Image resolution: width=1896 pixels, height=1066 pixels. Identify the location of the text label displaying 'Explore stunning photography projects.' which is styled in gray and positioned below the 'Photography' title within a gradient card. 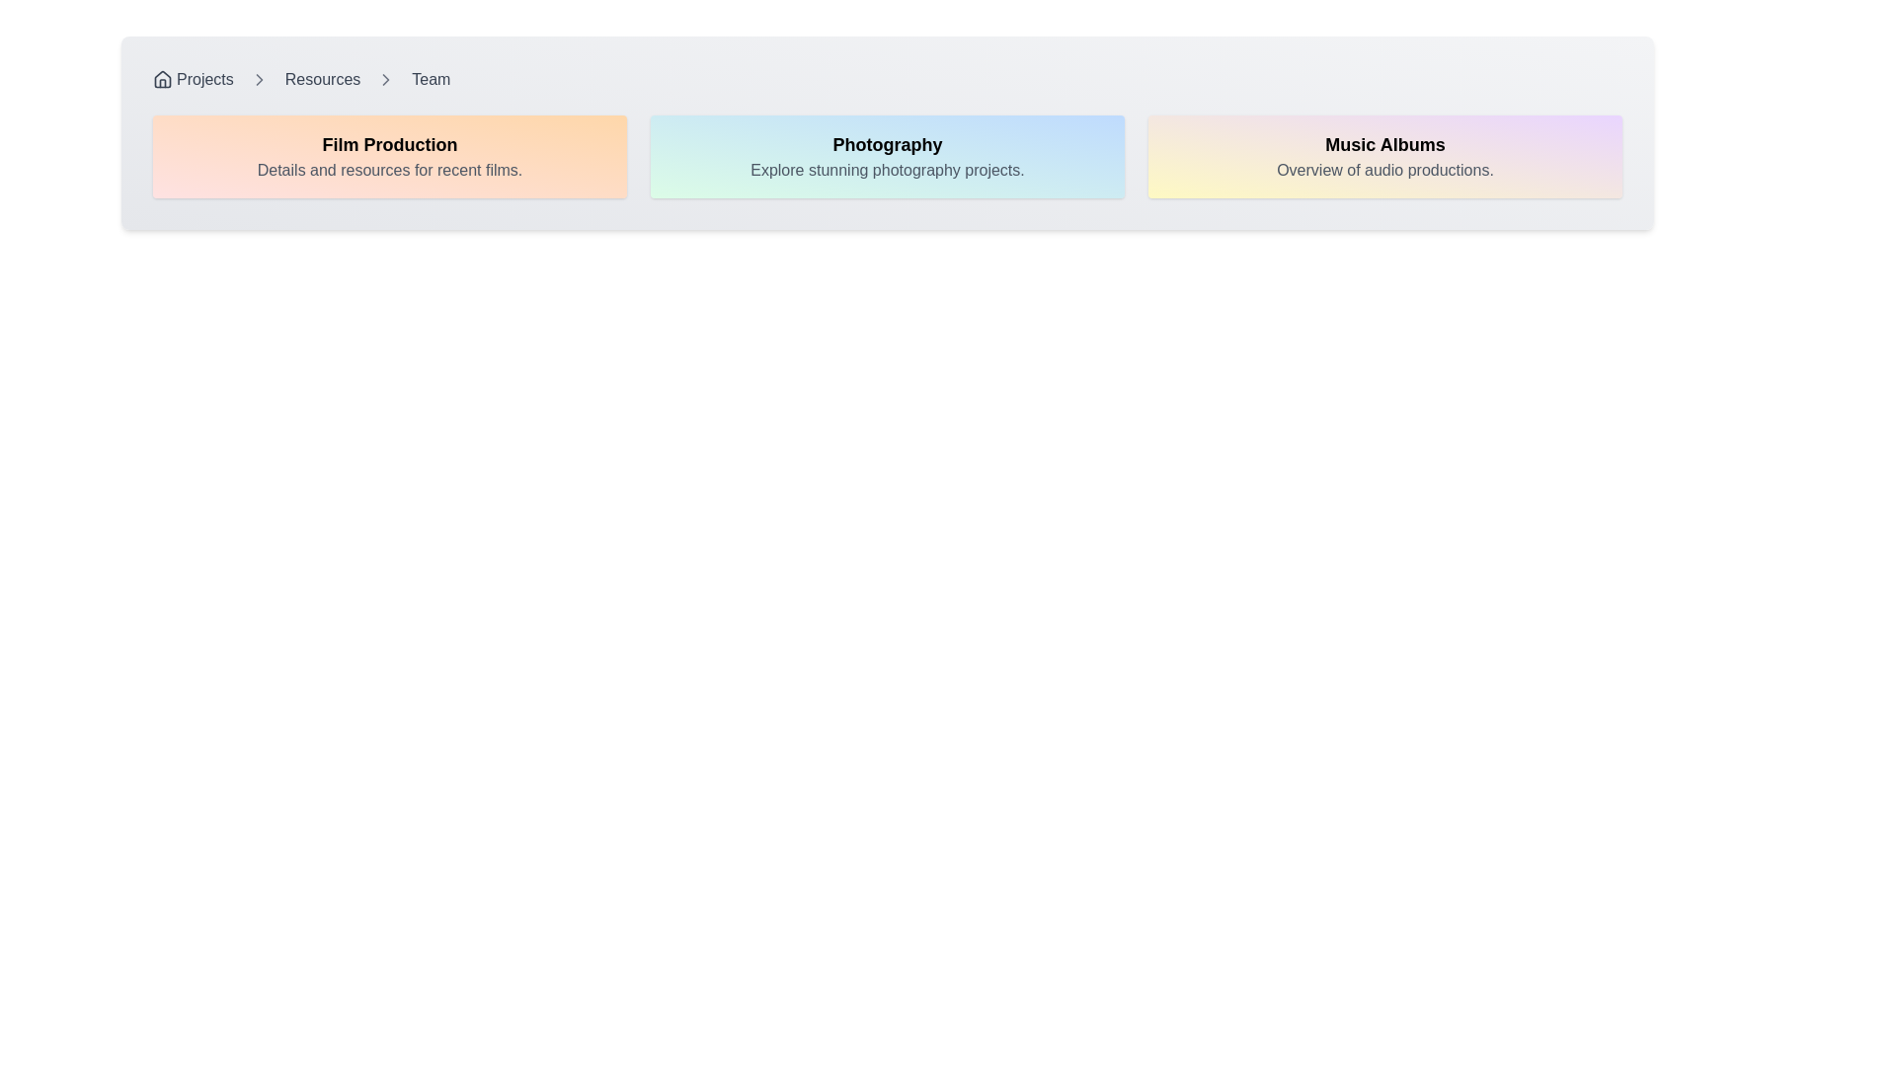
(886, 170).